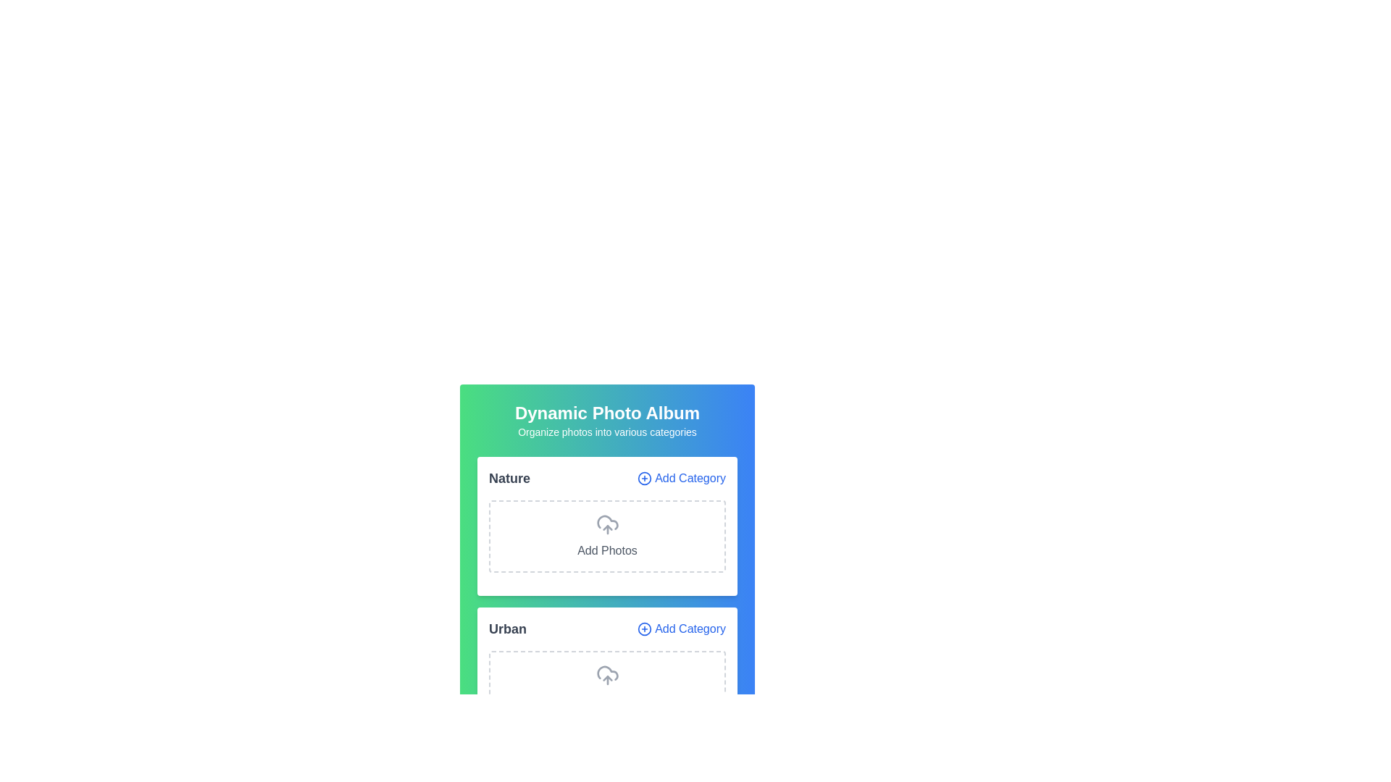 The height and width of the screenshot is (782, 1391). What do you see at coordinates (644, 628) in the screenshot?
I see `the circular blue '+' icon button located within the 'Add Category' button in the top-right corner of the 'Urban' category box` at bounding box center [644, 628].